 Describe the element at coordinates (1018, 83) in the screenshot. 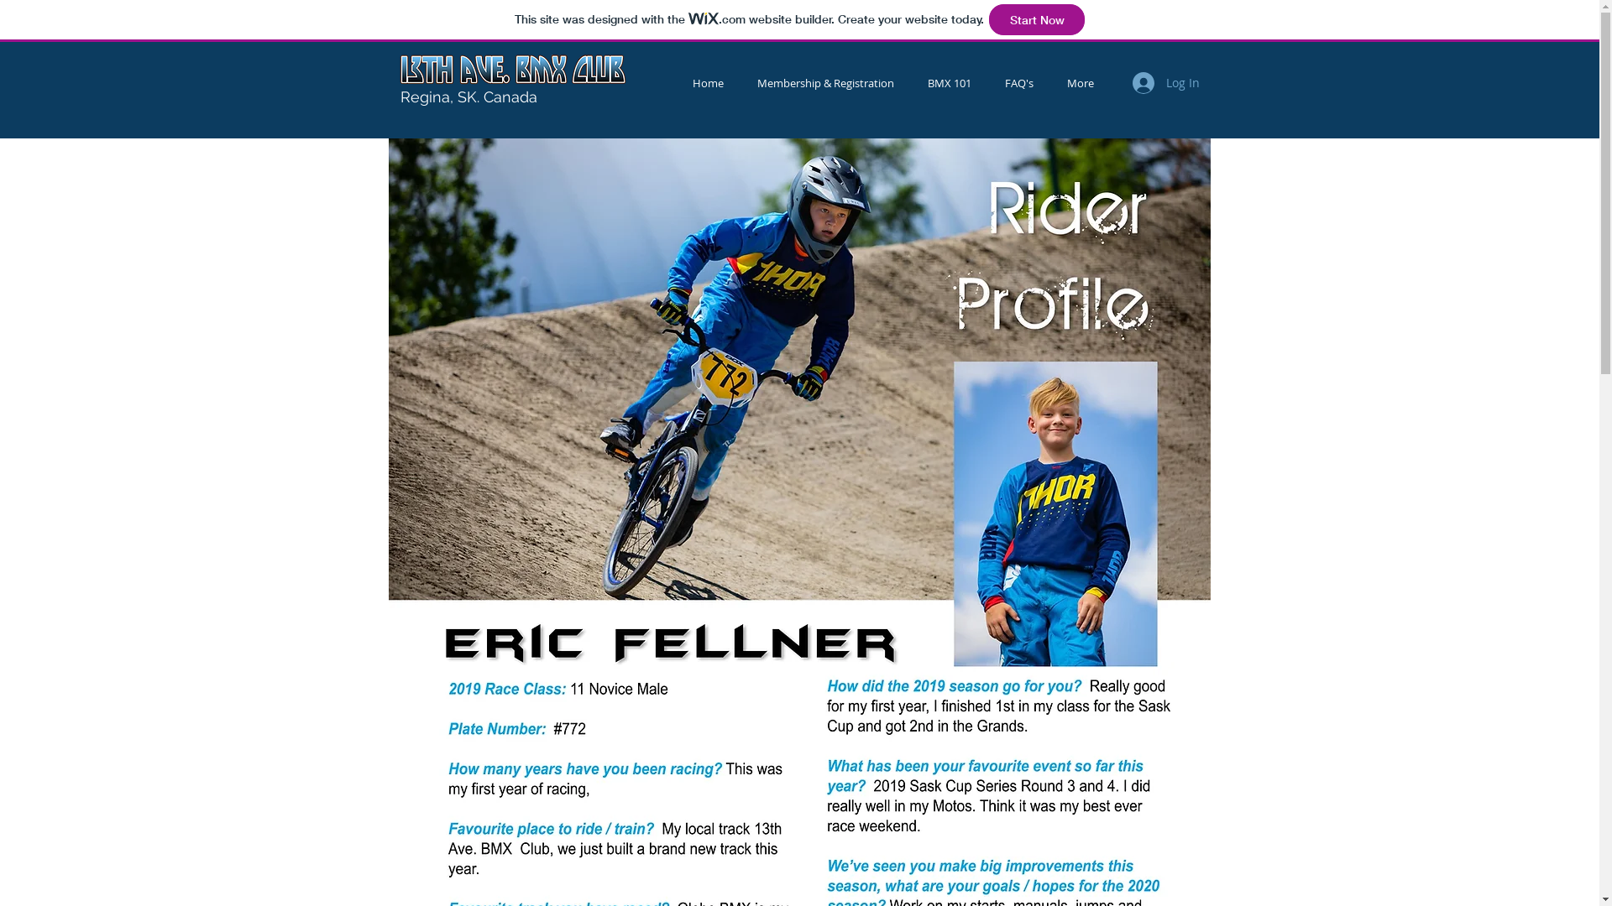

I see `'FAQ's'` at that location.